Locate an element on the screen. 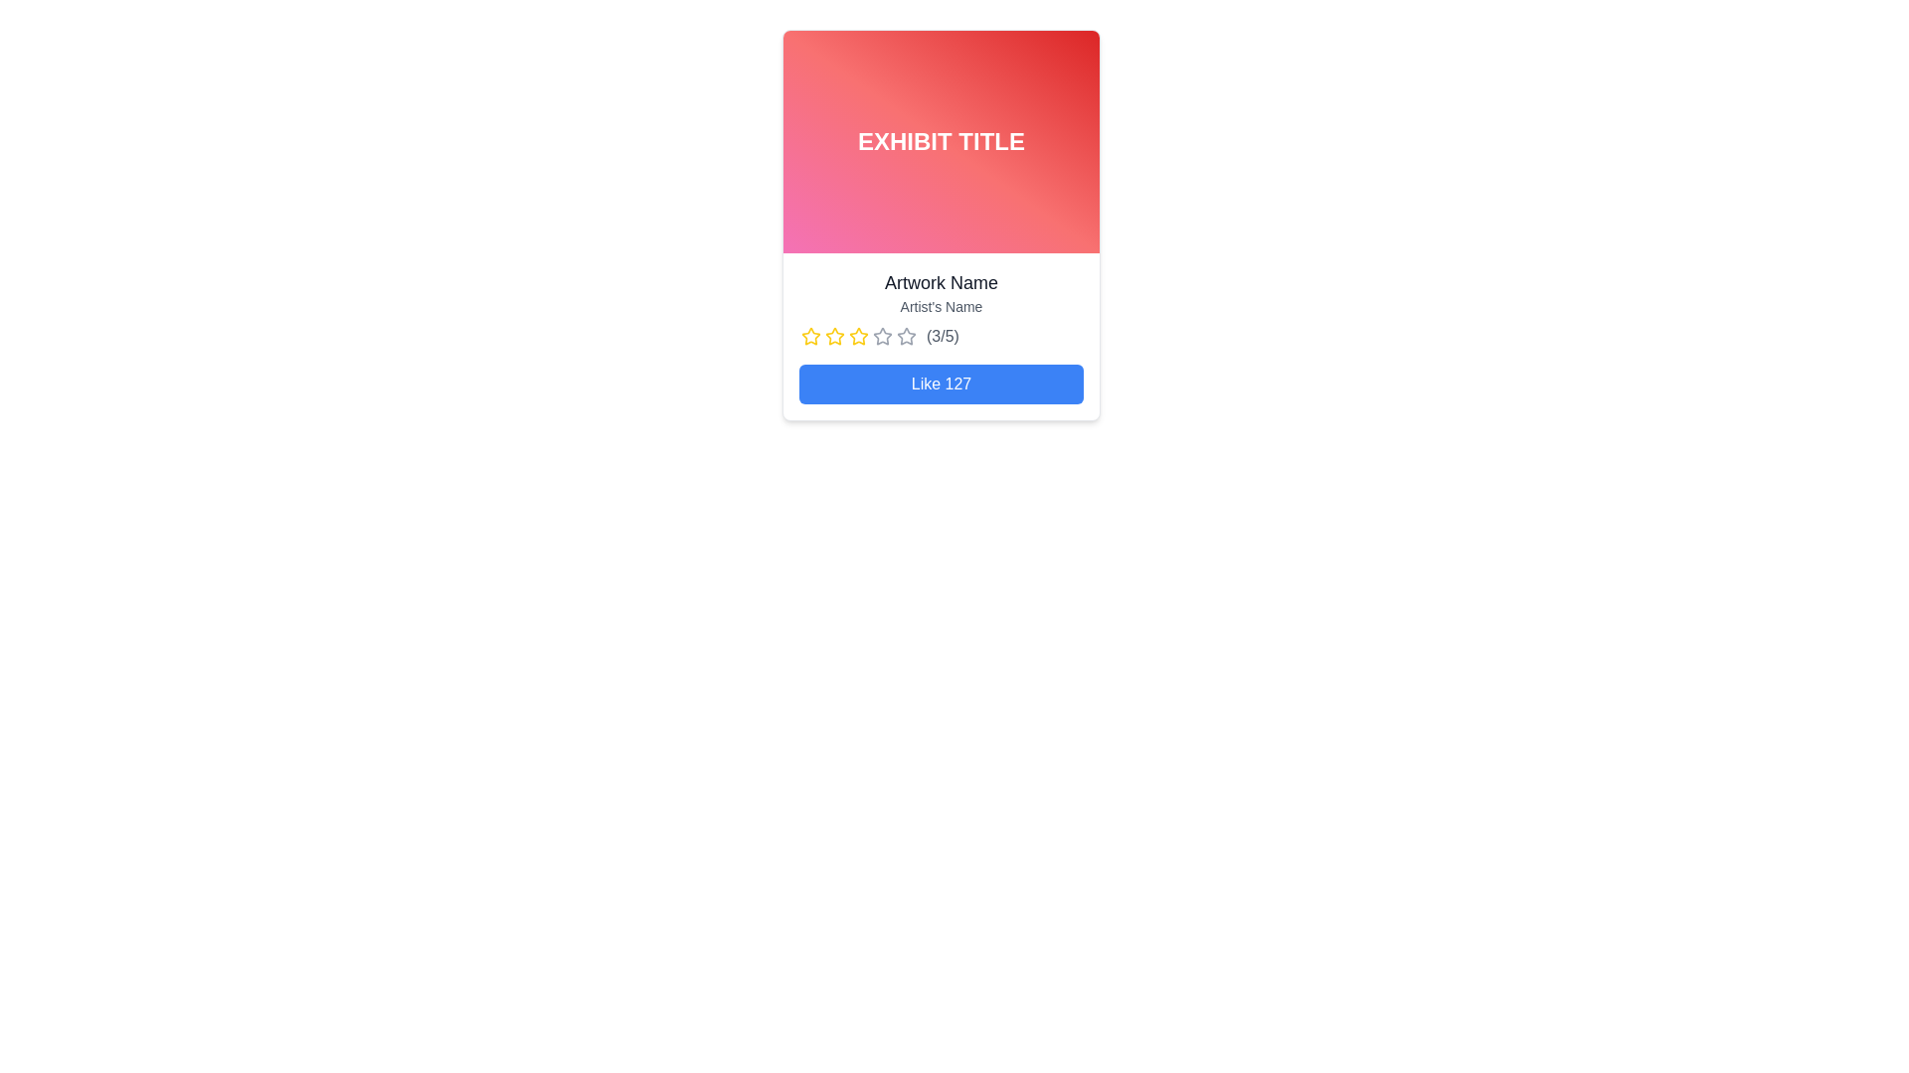 Image resolution: width=1909 pixels, height=1073 pixels. the static text displaying 'Artwork Name' in a large, bold font, located below the 'EXHIBIT TITLE' banner is located at coordinates (940, 283).